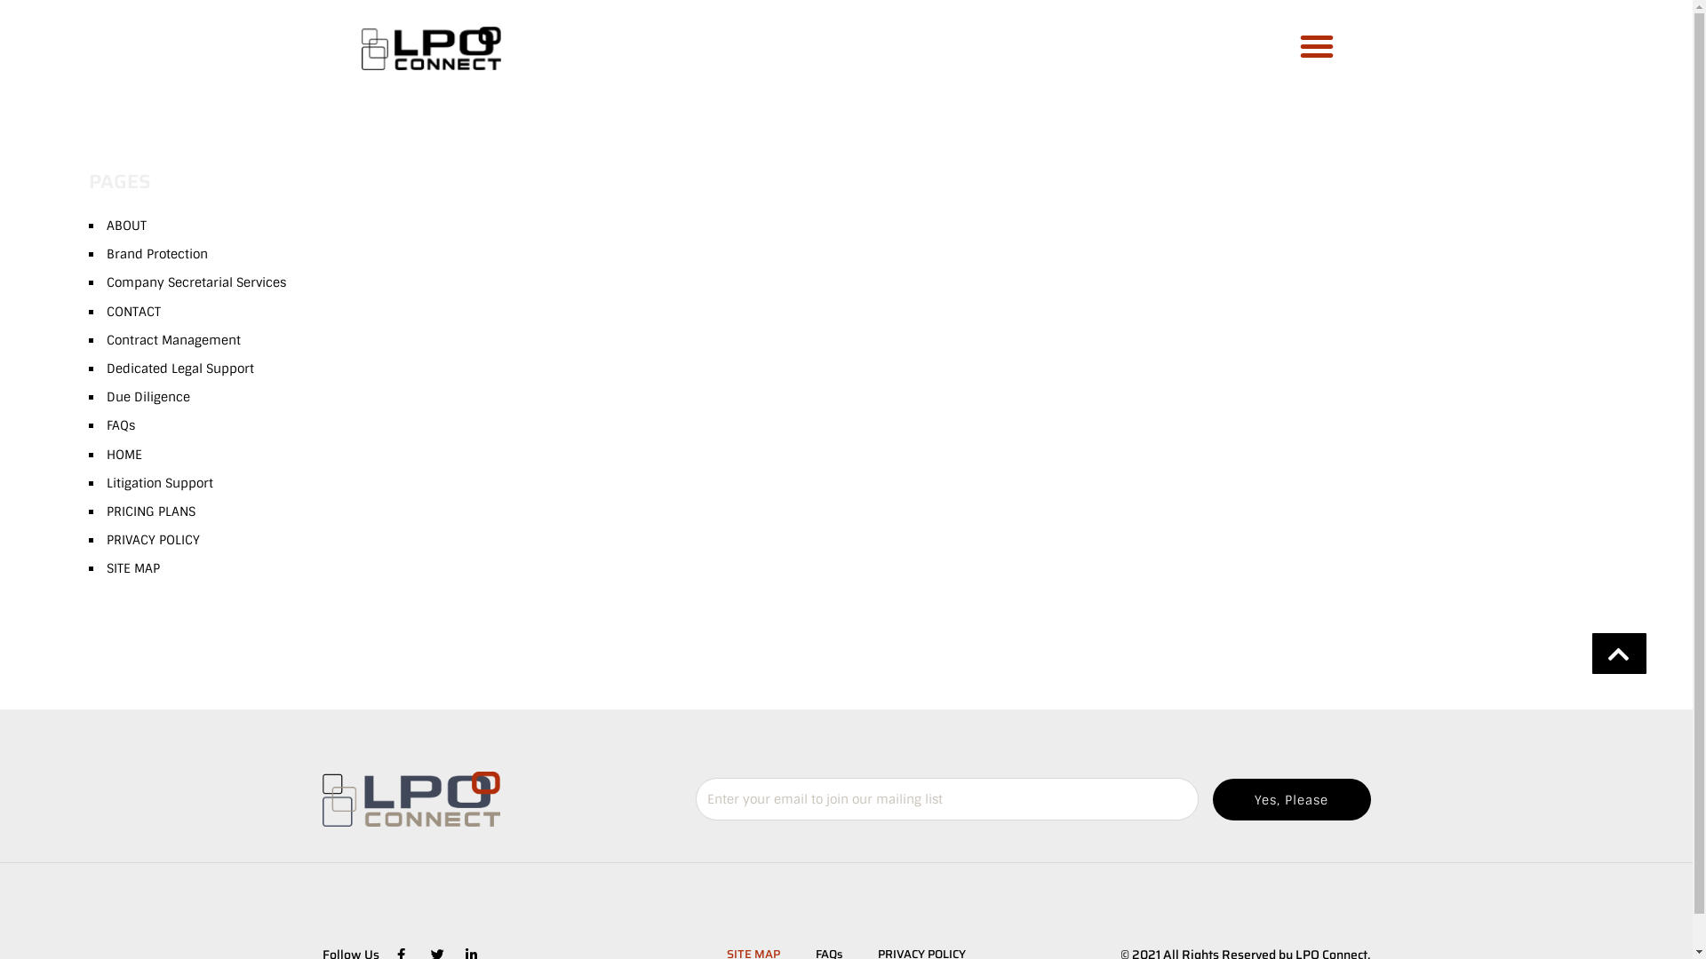  I want to click on 'Dedicated Legal Support', so click(179, 368).